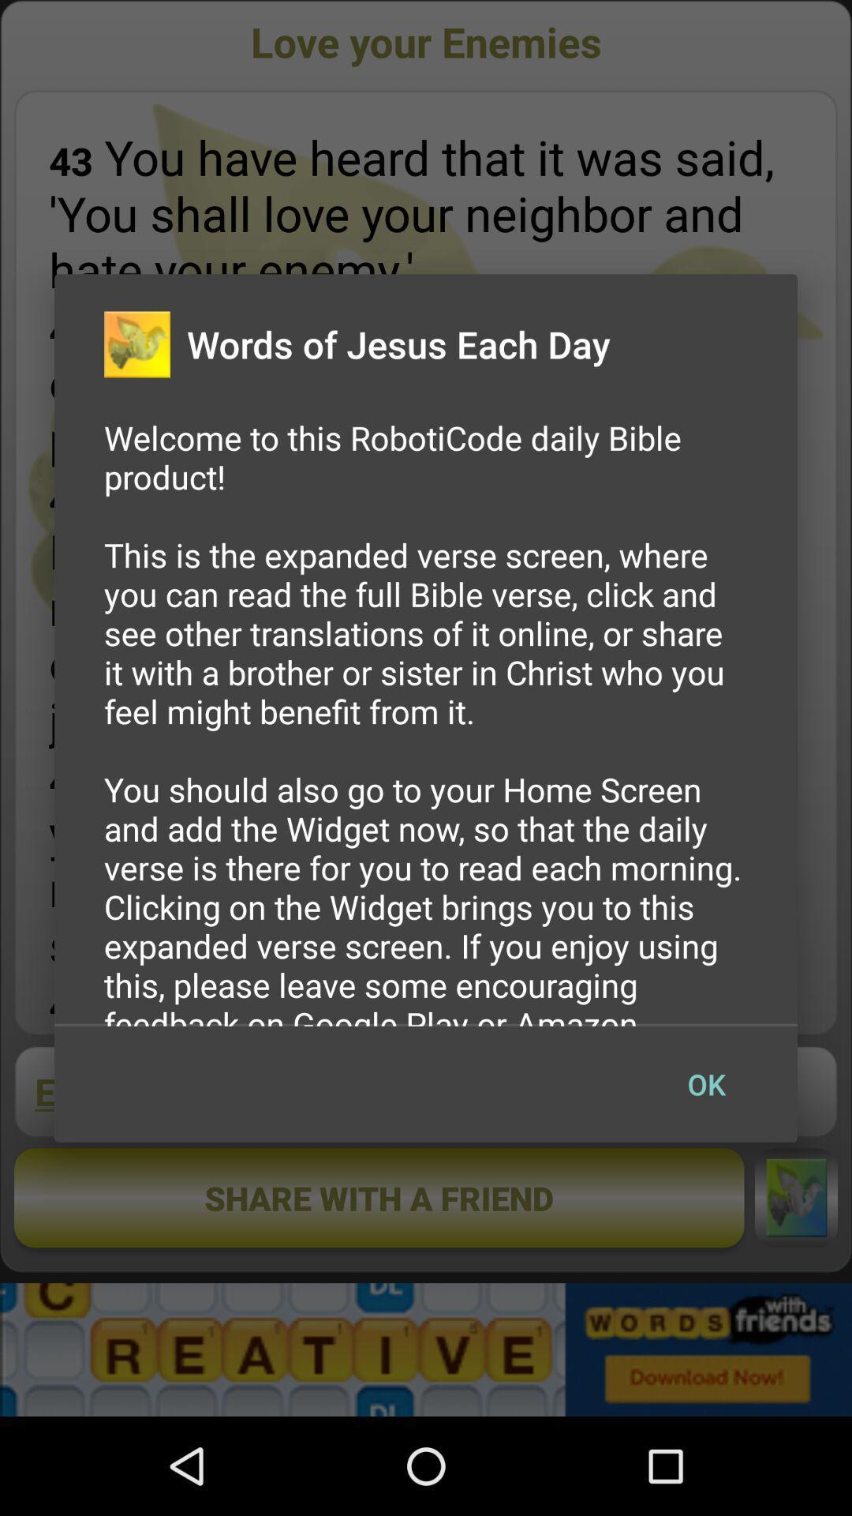 The width and height of the screenshot is (852, 1516). Describe the element at coordinates (705, 1083) in the screenshot. I see `the icon below the welcome to this app` at that location.